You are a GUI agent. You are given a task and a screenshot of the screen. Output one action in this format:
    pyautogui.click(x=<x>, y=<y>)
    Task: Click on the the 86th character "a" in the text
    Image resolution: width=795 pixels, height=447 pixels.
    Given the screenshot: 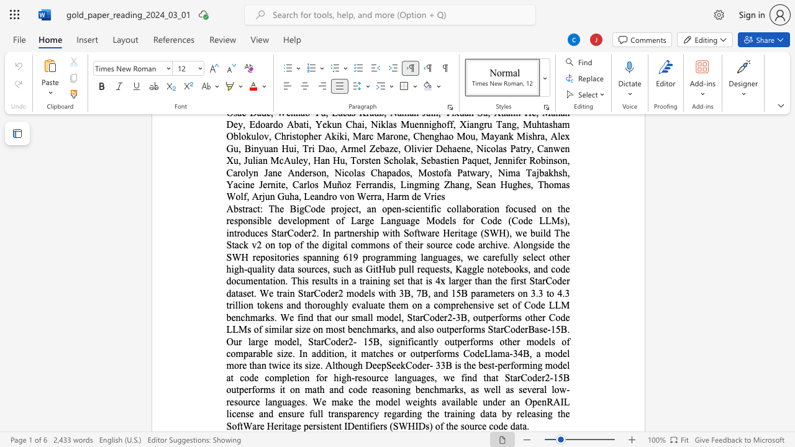 What is the action you would take?
    pyautogui.click(x=399, y=413)
    